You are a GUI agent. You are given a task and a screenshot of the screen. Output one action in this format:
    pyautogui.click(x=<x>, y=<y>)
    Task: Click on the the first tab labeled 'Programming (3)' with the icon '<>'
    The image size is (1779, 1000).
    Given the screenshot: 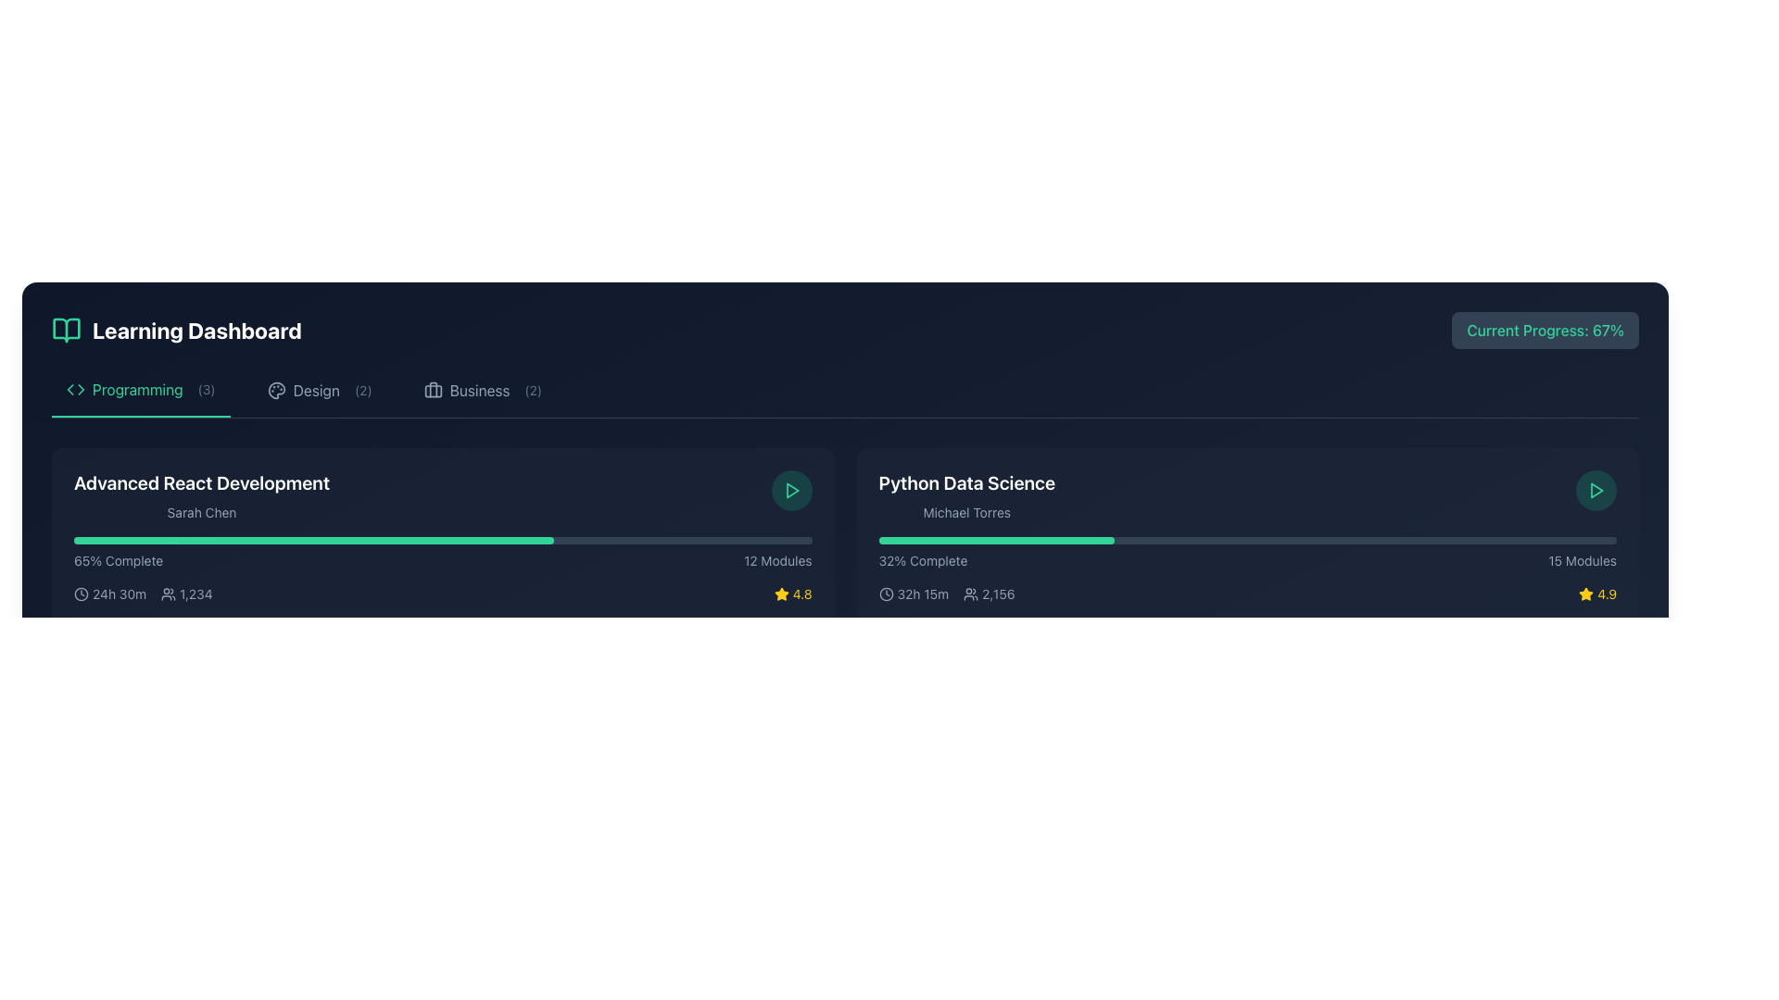 What is the action you would take?
    pyautogui.click(x=140, y=396)
    